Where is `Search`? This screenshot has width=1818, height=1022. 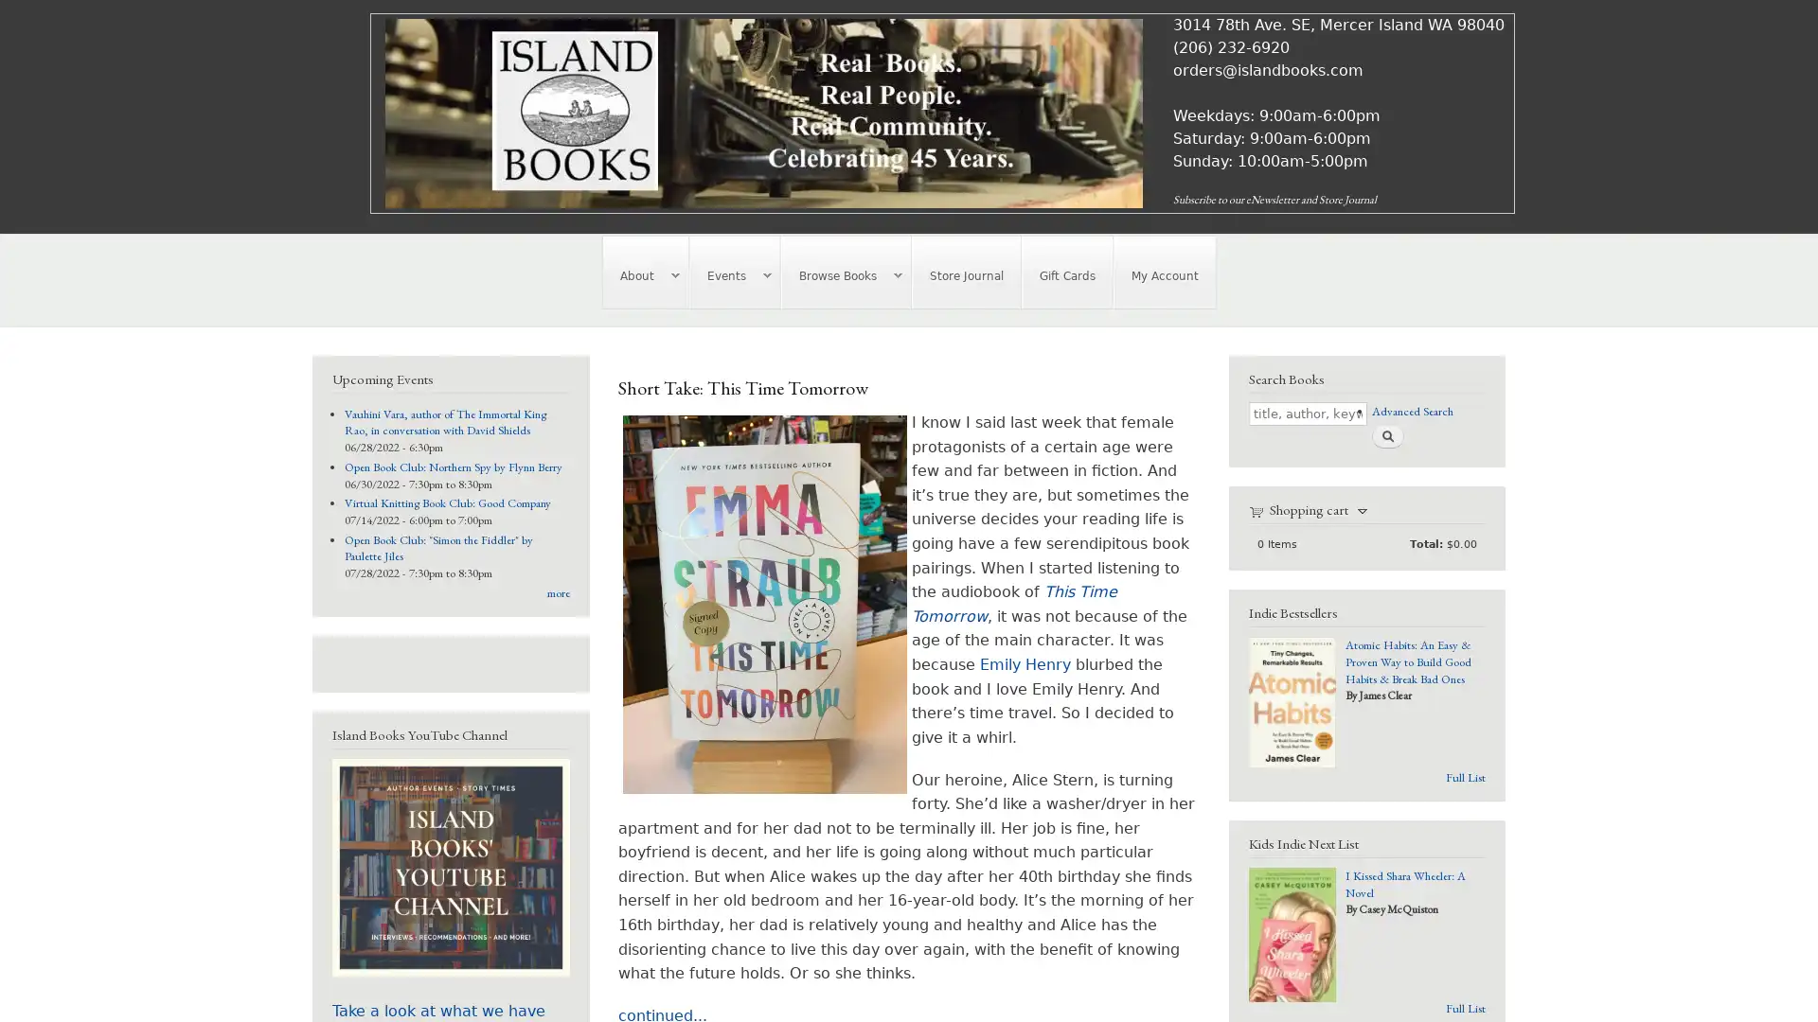 Search is located at coordinates (1386, 436).